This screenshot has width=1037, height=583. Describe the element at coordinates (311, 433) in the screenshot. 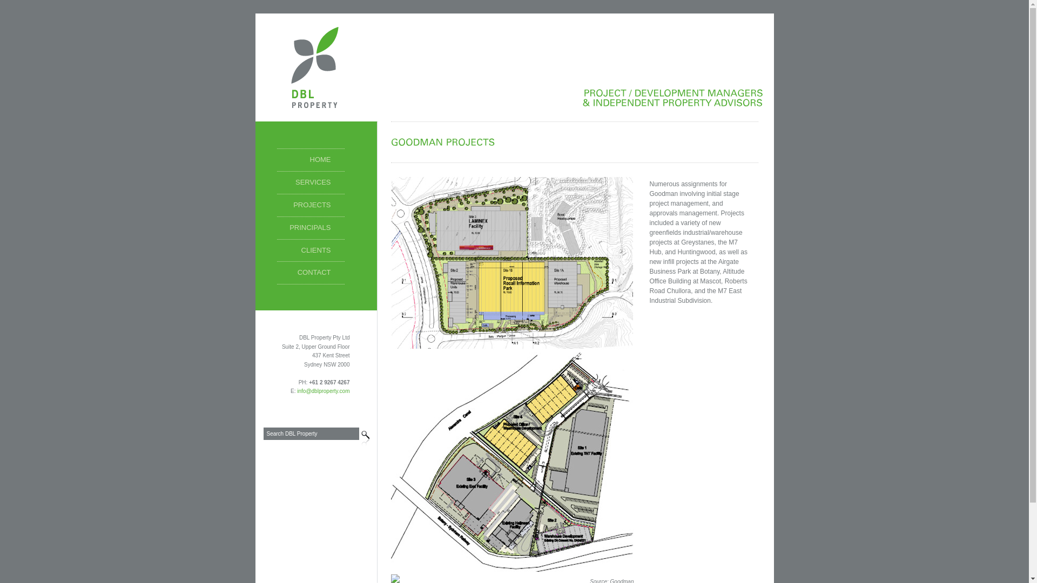

I see `'Search DBL Property'` at that location.